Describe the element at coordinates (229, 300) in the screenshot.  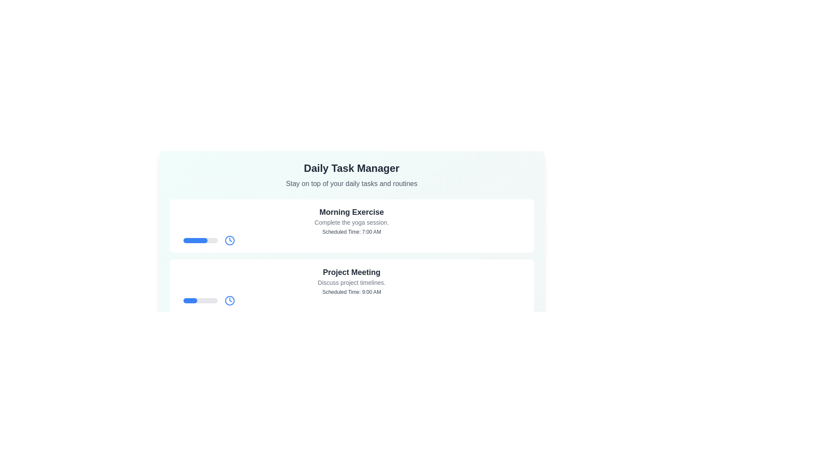
I see `the graphical circle within the clock icon located on the right side of the progress bar for the 'Project Meeting' task` at that location.